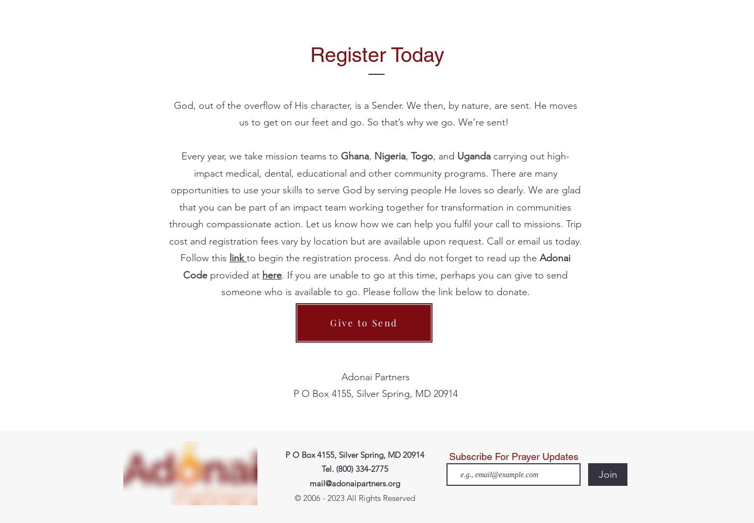  Describe the element at coordinates (607, 474) in the screenshot. I see `'Join'` at that location.